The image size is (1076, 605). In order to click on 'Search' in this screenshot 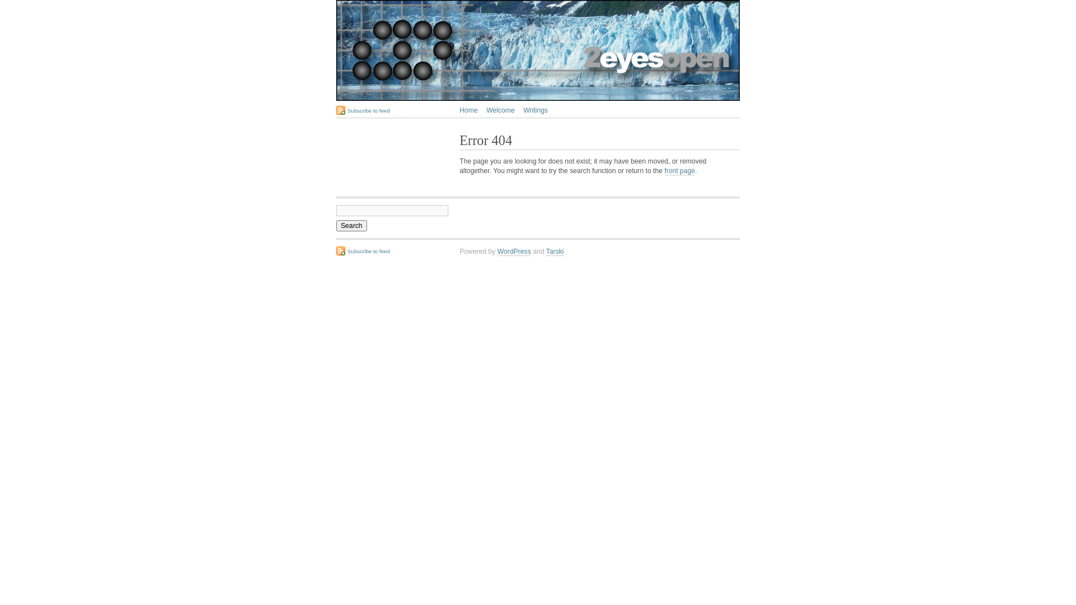, I will do `click(336, 225)`.